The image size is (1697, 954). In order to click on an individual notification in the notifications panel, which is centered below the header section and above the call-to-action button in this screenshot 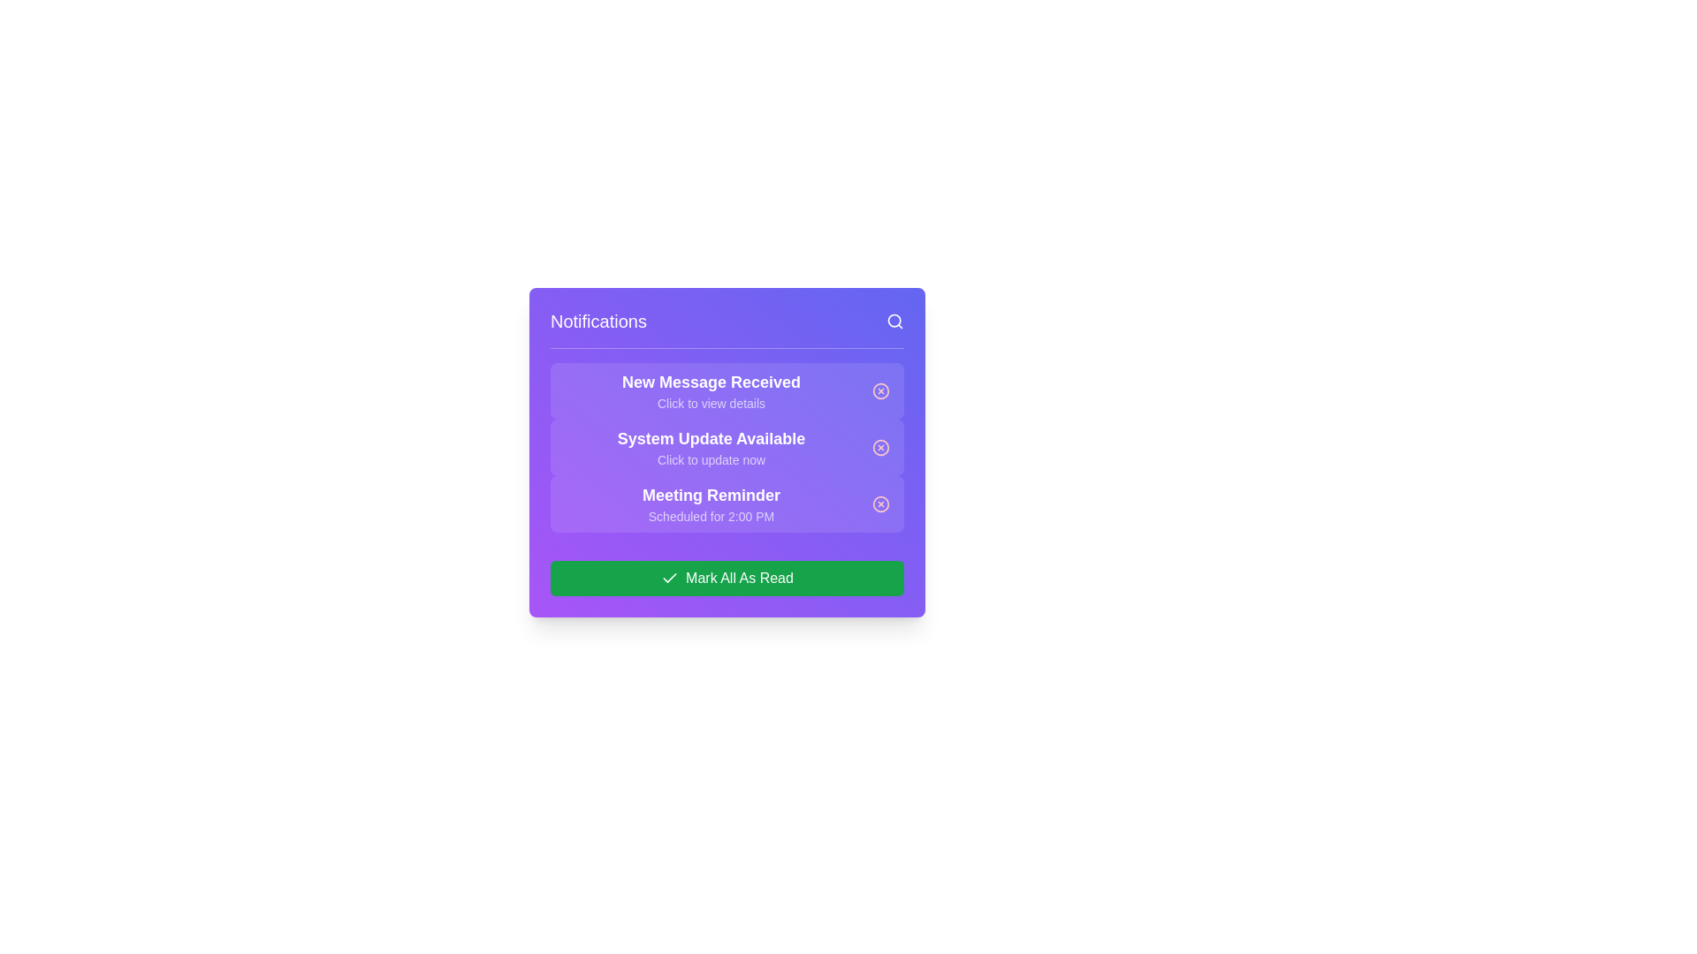, I will do `click(727, 451)`.